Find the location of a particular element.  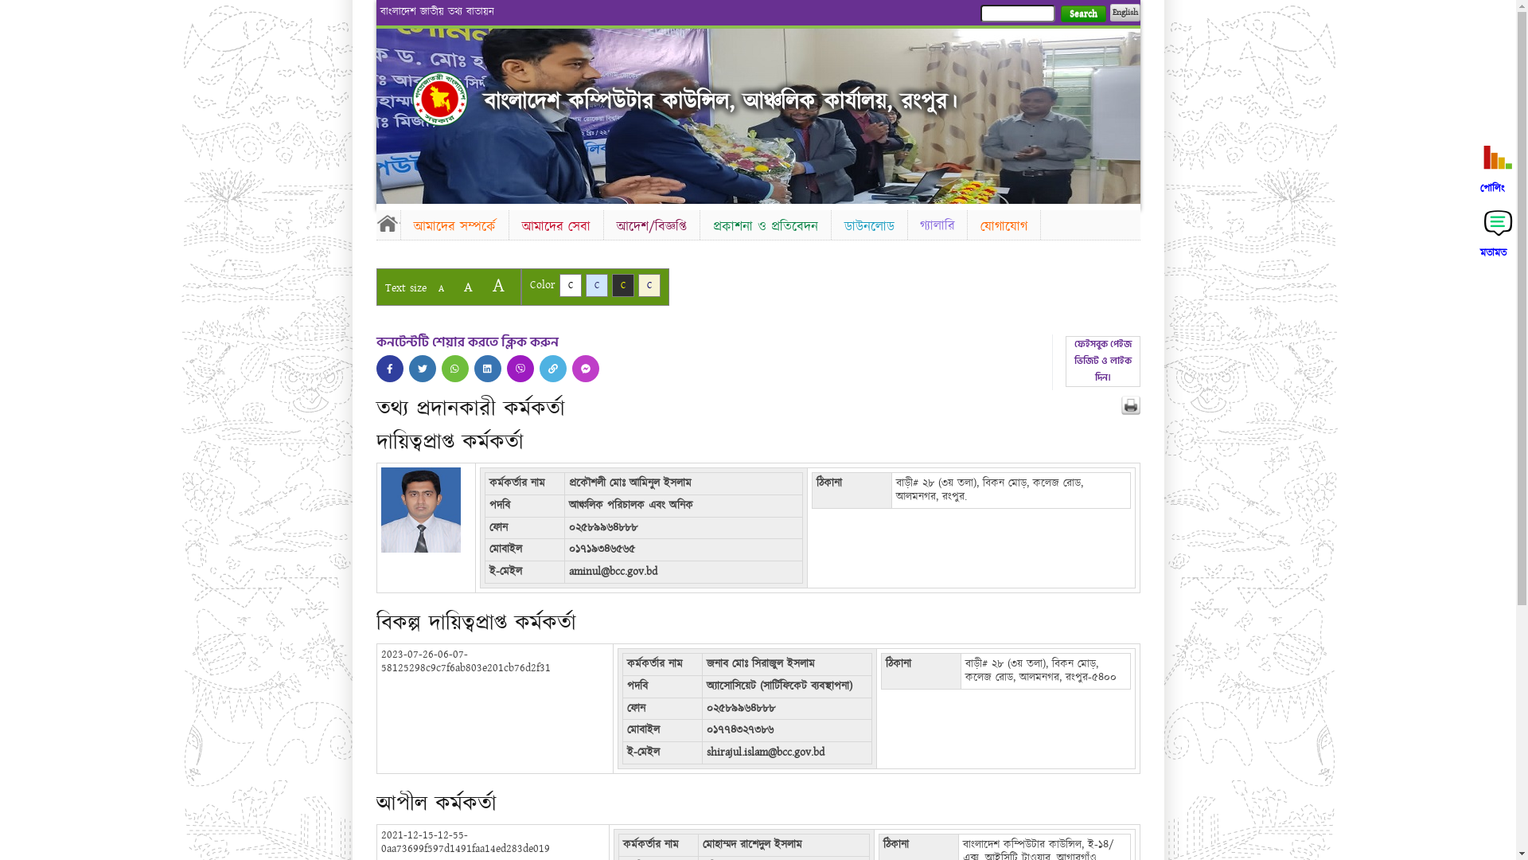

'A' is located at coordinates (466, 287).